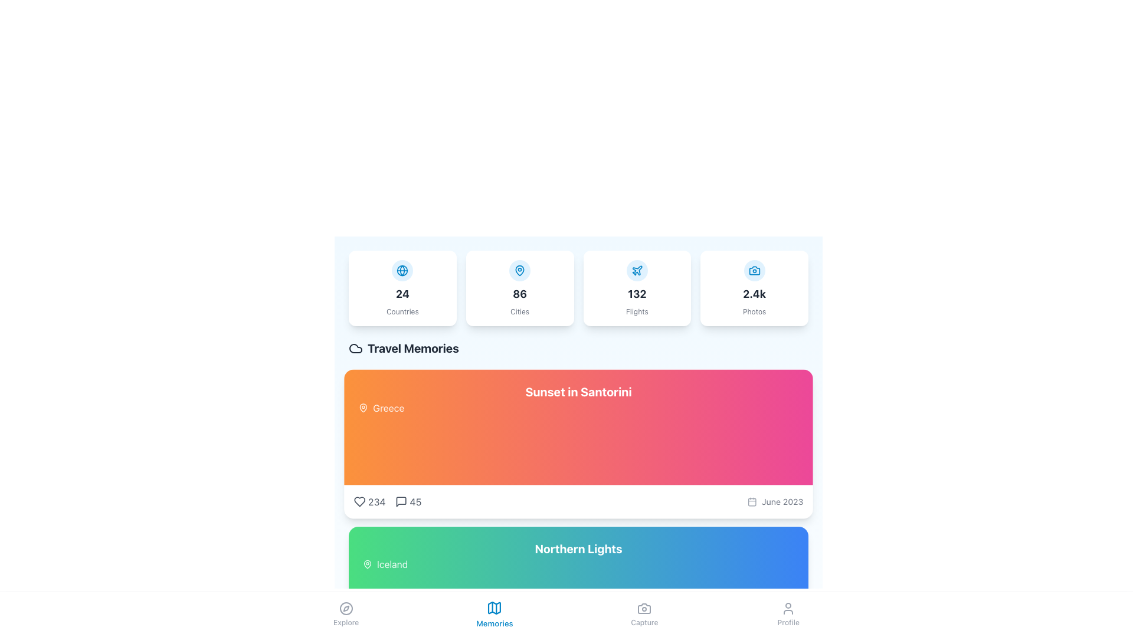  I want to click on the 'Countries' icon located in the top left of the card component, which visually represents the metric associated with the number '24' indicating the count of countries, so click(402, 271).